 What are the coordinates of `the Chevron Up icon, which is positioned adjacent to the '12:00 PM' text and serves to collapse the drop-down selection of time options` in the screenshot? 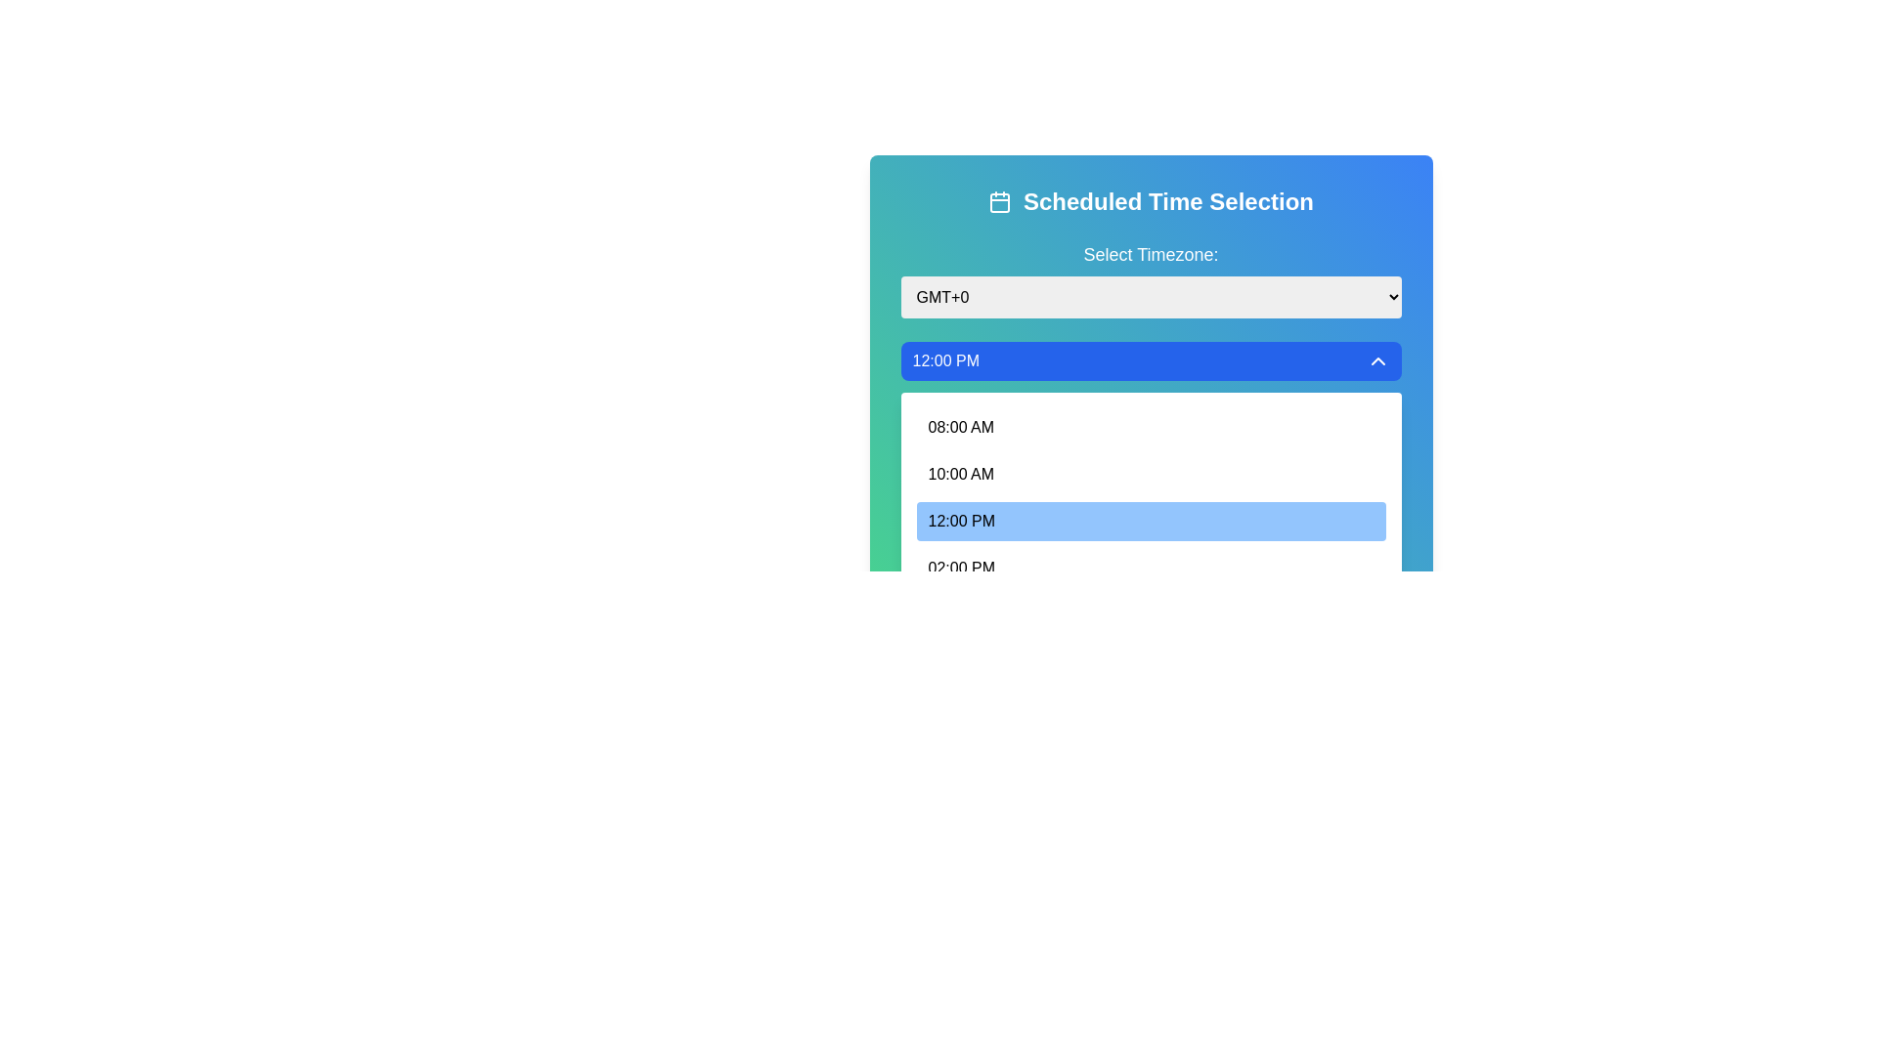 It's located at (1376, 361).